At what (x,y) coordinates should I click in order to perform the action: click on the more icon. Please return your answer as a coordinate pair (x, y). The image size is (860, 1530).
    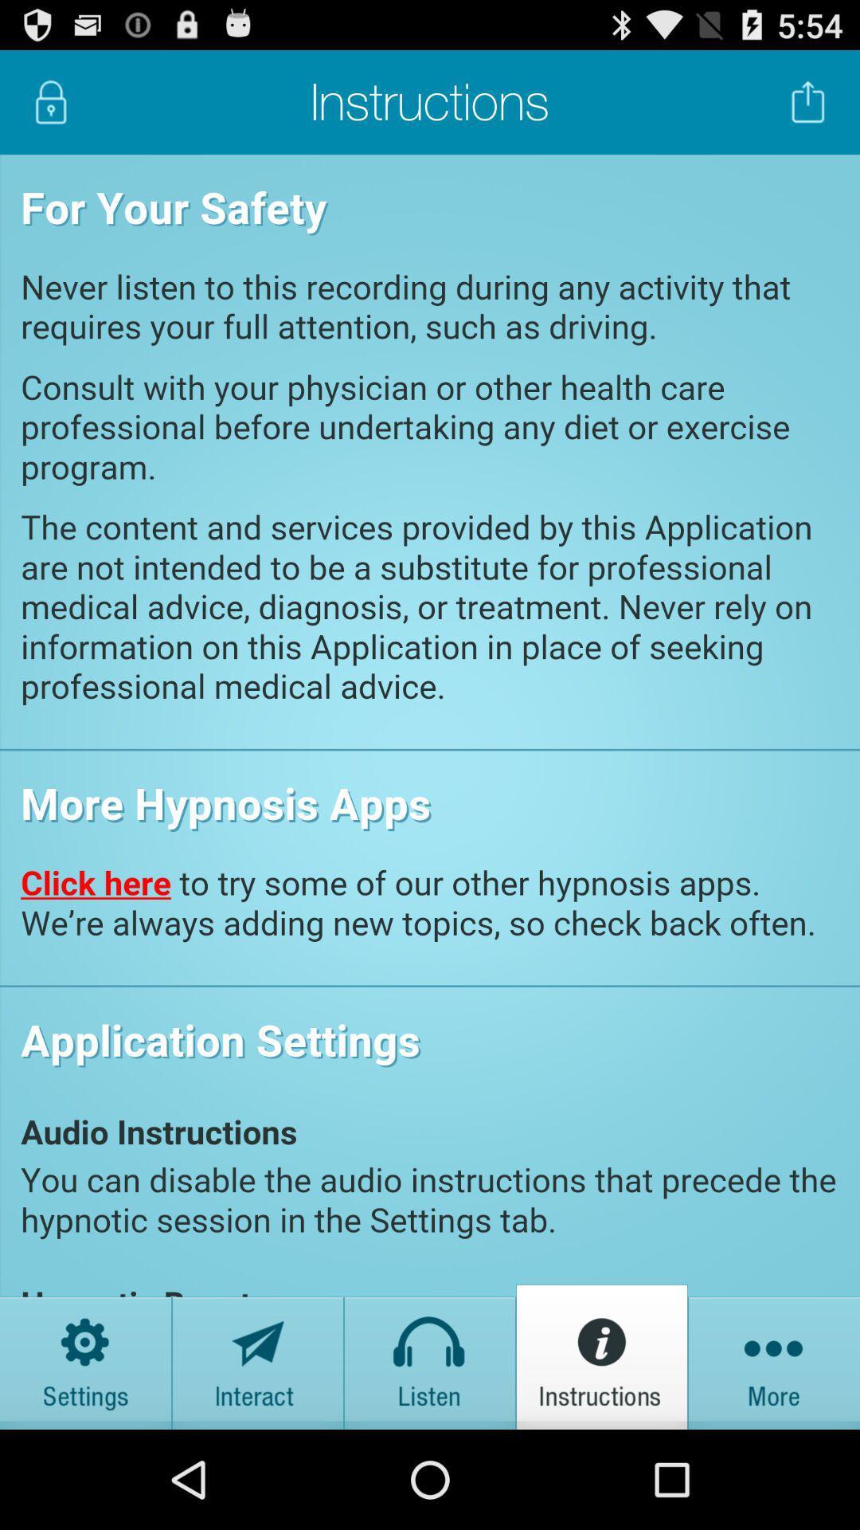
    Looking at the image, I should click on (773, 1451).